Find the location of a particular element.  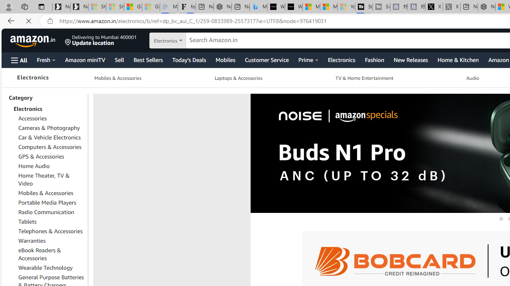

'Fresh' is located at coordinates (45, 59).